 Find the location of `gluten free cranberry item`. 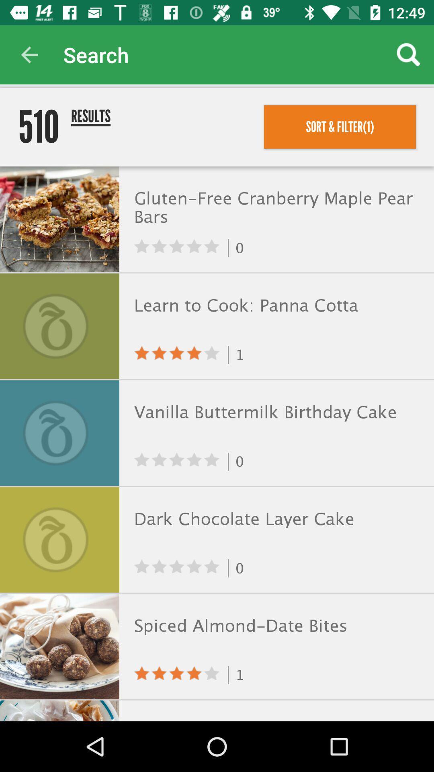

gluten free cranberry item is located at coordinates (274, 209).